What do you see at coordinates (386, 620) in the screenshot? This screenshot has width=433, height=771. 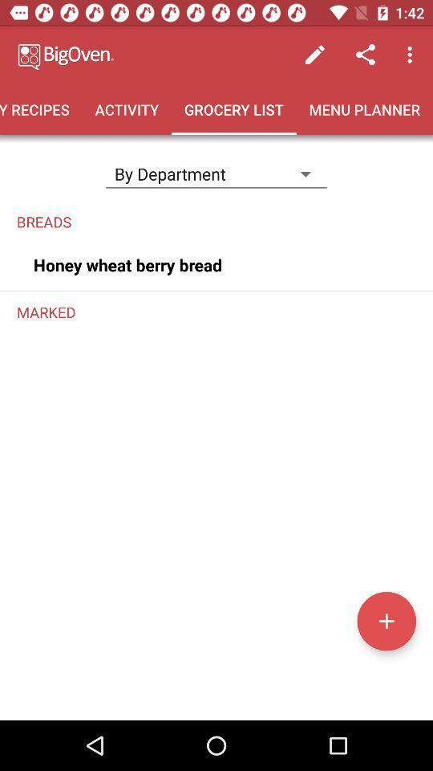 I see `the add icon` at bounding box center [386, 620].